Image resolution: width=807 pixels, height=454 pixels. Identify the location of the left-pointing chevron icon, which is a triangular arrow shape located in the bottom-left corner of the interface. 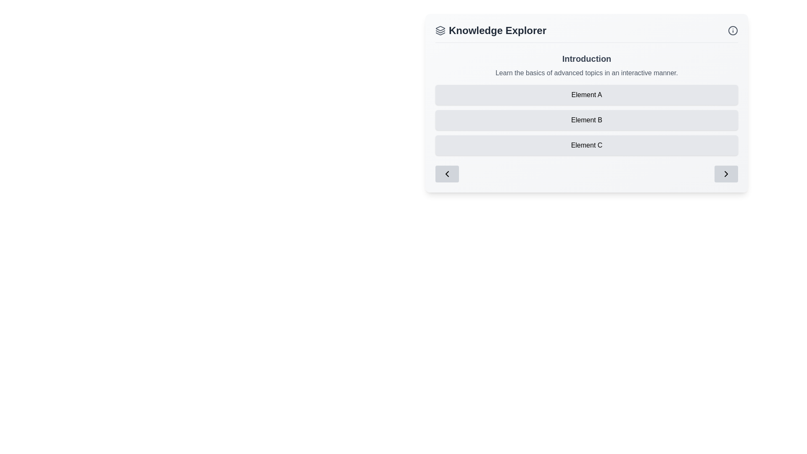
(447, 173).